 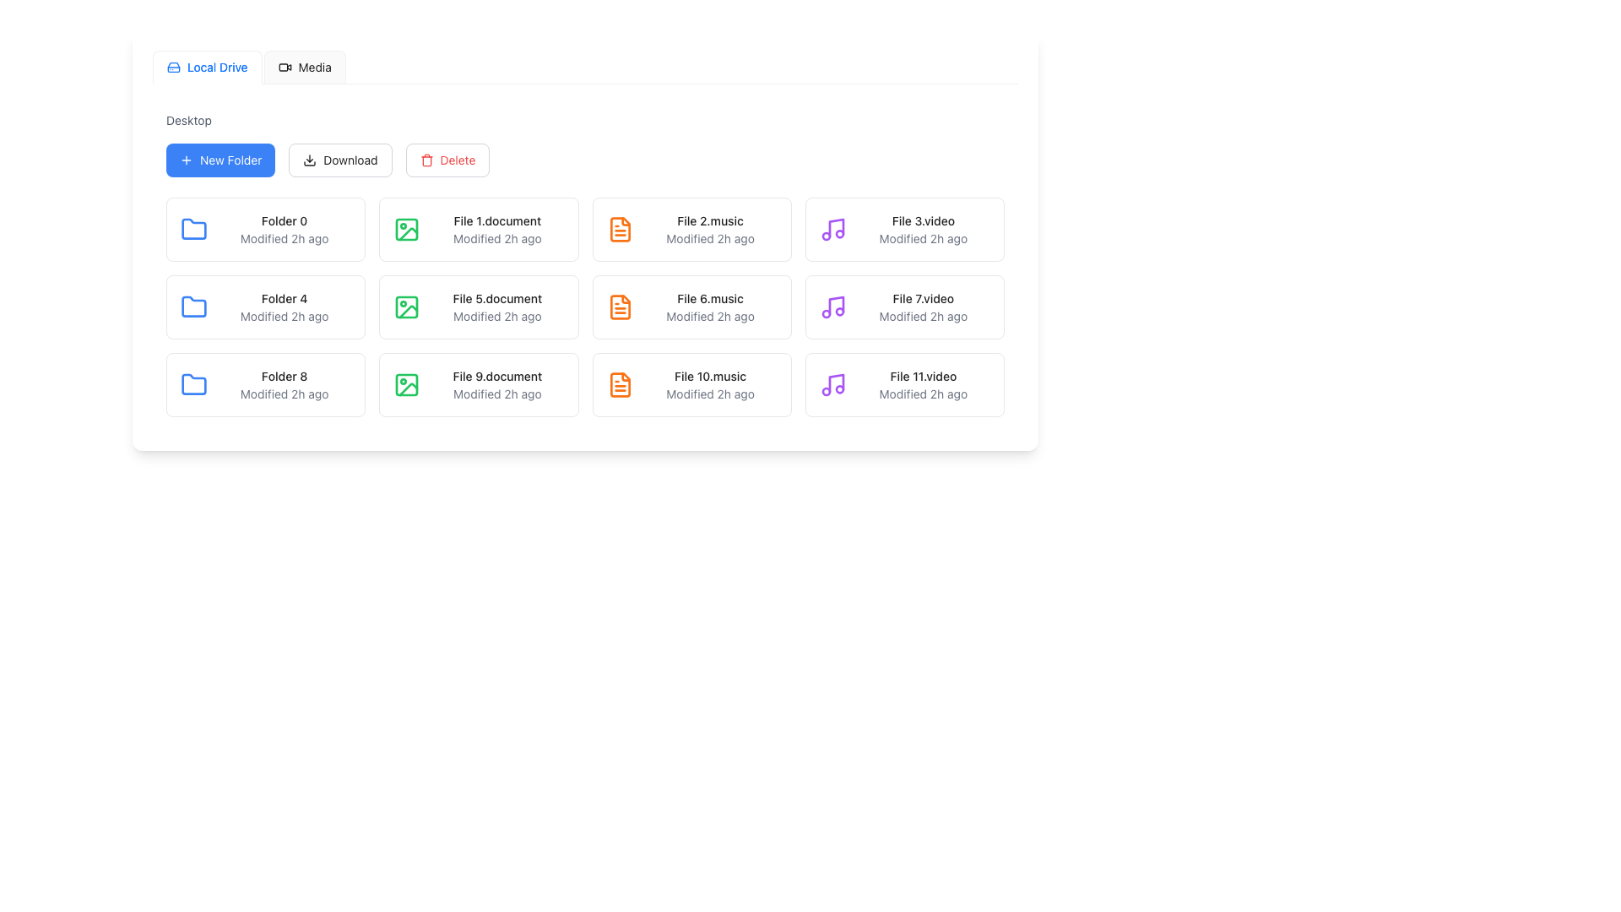 What do you see at coordinates (710, 316) in the screenshot?
I see `the text label displaying 'Modified 2h ago', which is styled with small gray text and located directly below 'File 6.music' in the file information group` at bounding box center [710, 316].